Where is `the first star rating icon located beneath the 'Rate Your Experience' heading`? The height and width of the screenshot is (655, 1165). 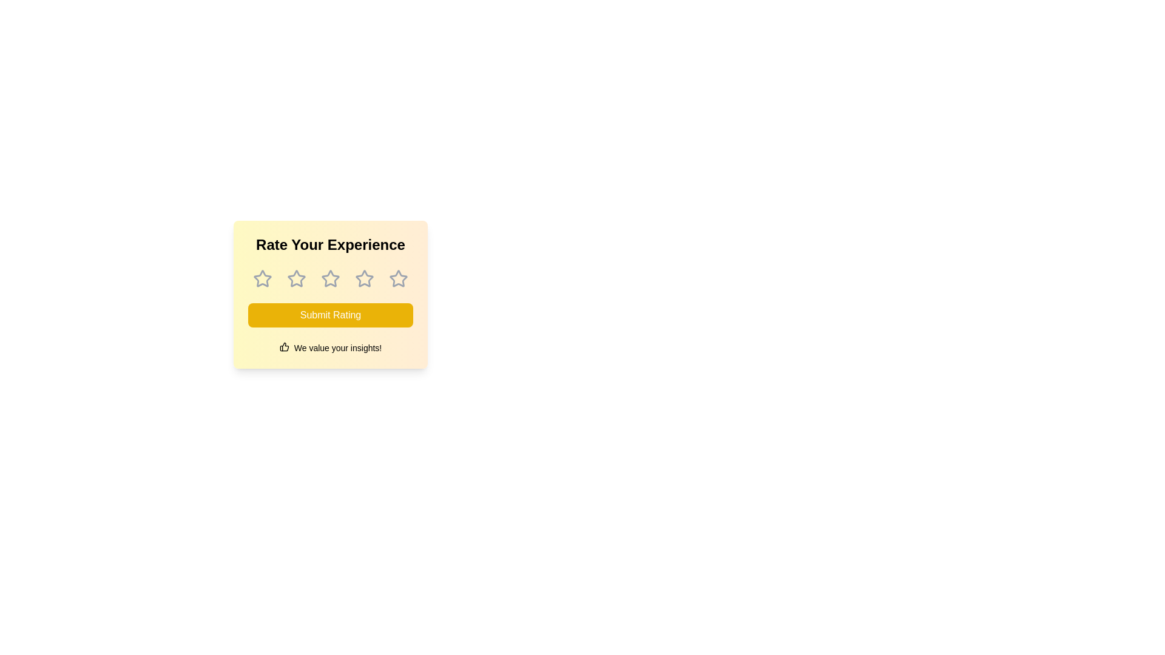
the first star rating icon located beneath the 'Rate Your Experience' heading is located at coordinates (262, 278).